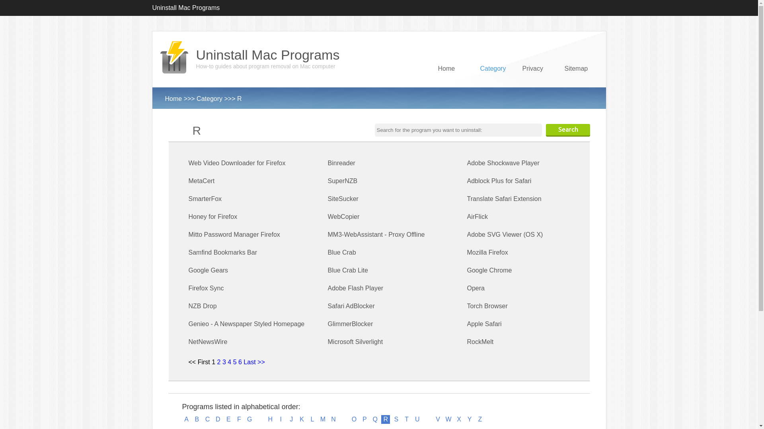 This screenshot has width=764, height=429. I want to click on 'O', so click(353, 419).